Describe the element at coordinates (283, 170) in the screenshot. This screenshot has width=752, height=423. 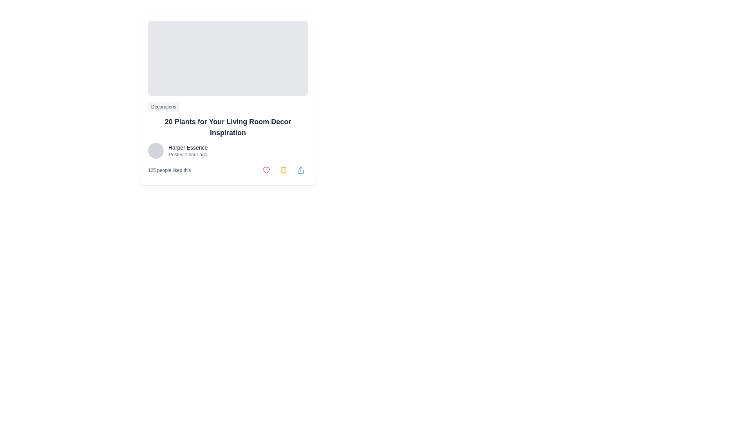
I see `the bookmark icon located at the bottom of the content card, which is the third icon from the left among interactive icons` at that location.